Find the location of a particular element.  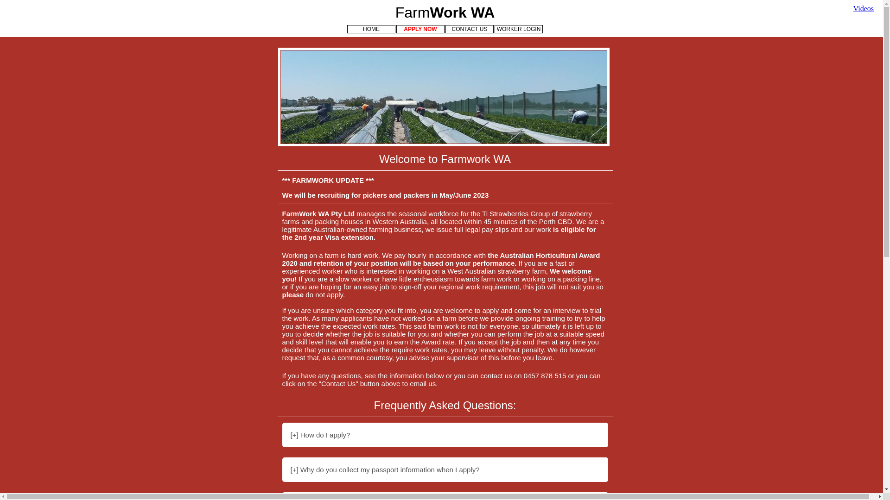

'[+] How do I apply?' is located at coordinates (444, 435).